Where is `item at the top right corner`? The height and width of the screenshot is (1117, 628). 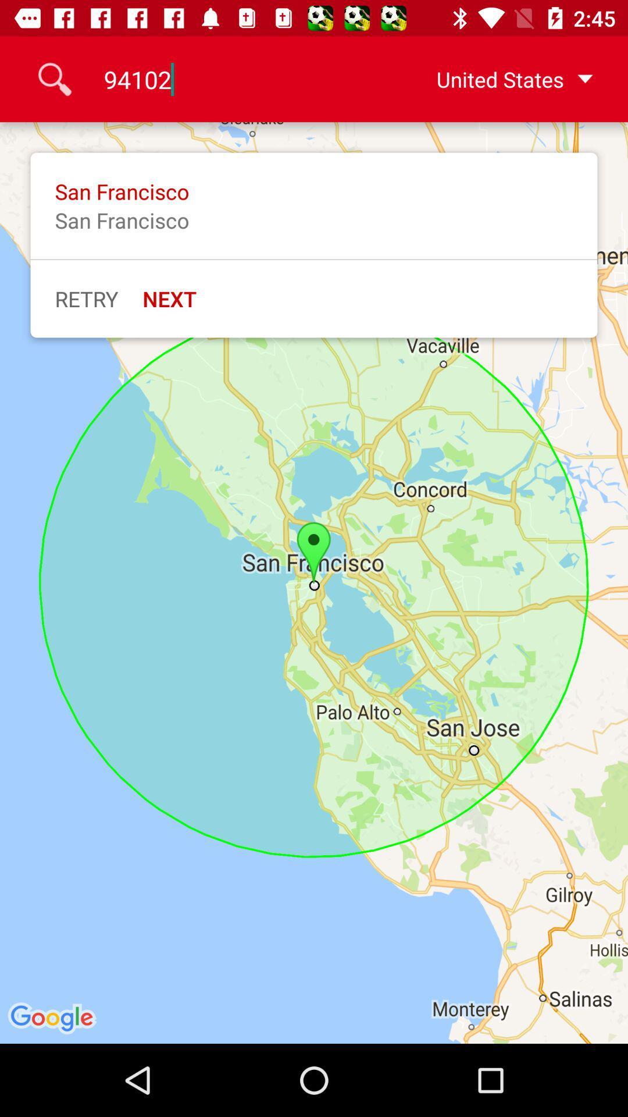 item at the top right corner is located at coordinates (496, 79).